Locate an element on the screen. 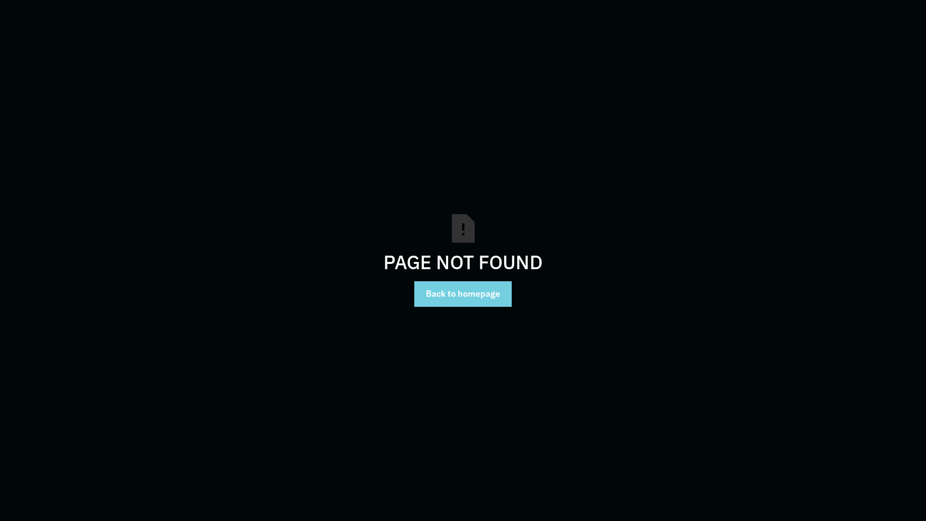 The height and width of the screenshot is (521, 926). 'Back to homepage' is located at coordinates (463, 293).